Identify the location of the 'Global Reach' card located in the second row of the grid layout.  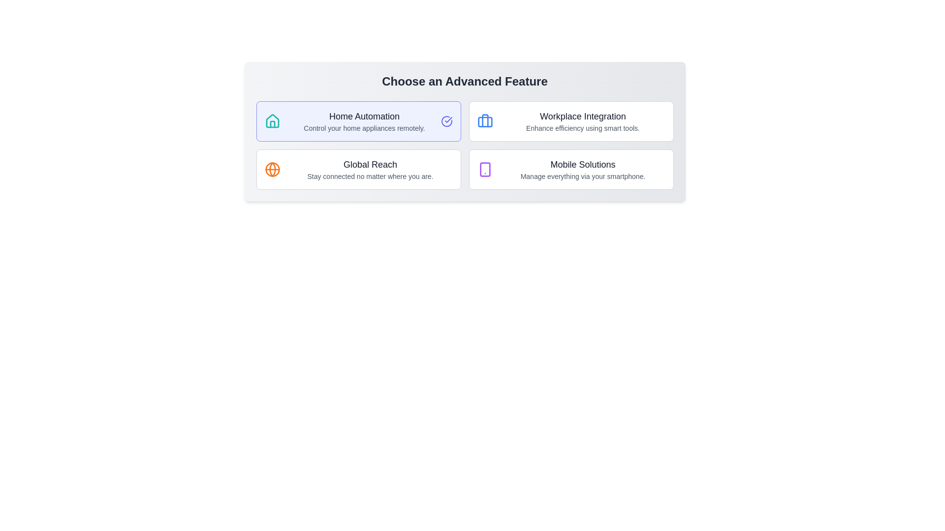
(358, 169).